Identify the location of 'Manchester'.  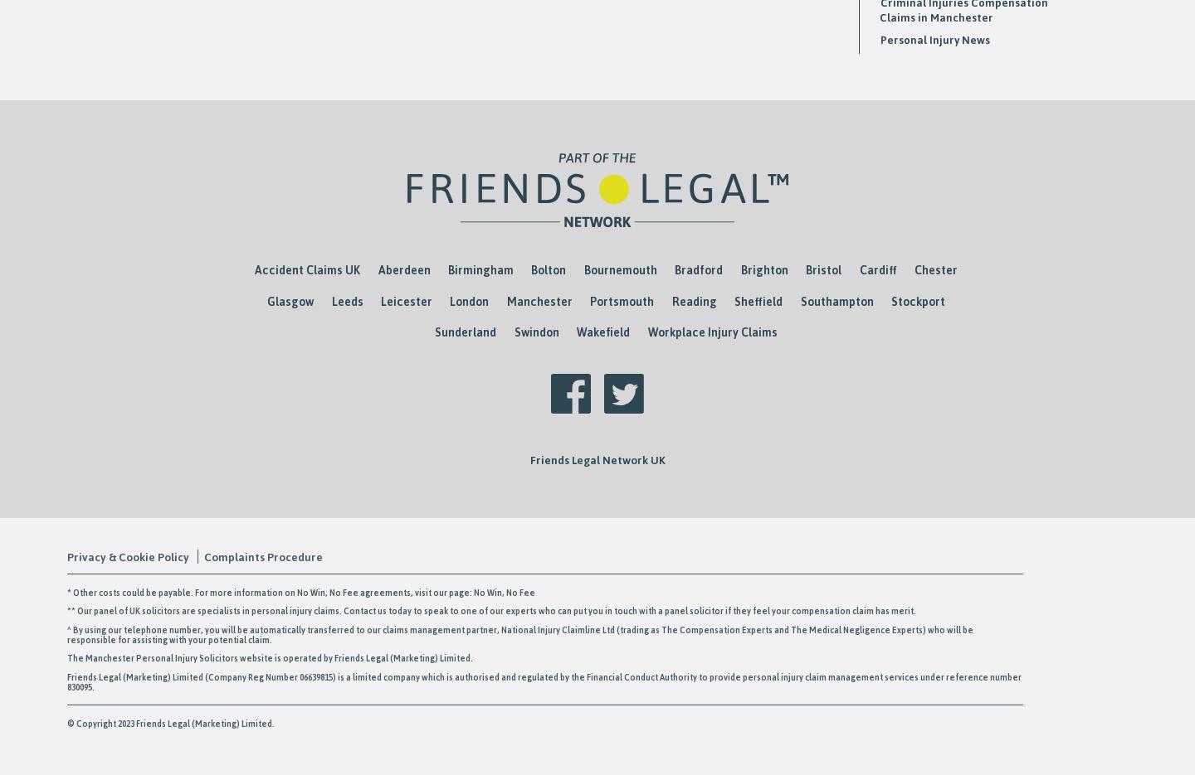
(538, 299).